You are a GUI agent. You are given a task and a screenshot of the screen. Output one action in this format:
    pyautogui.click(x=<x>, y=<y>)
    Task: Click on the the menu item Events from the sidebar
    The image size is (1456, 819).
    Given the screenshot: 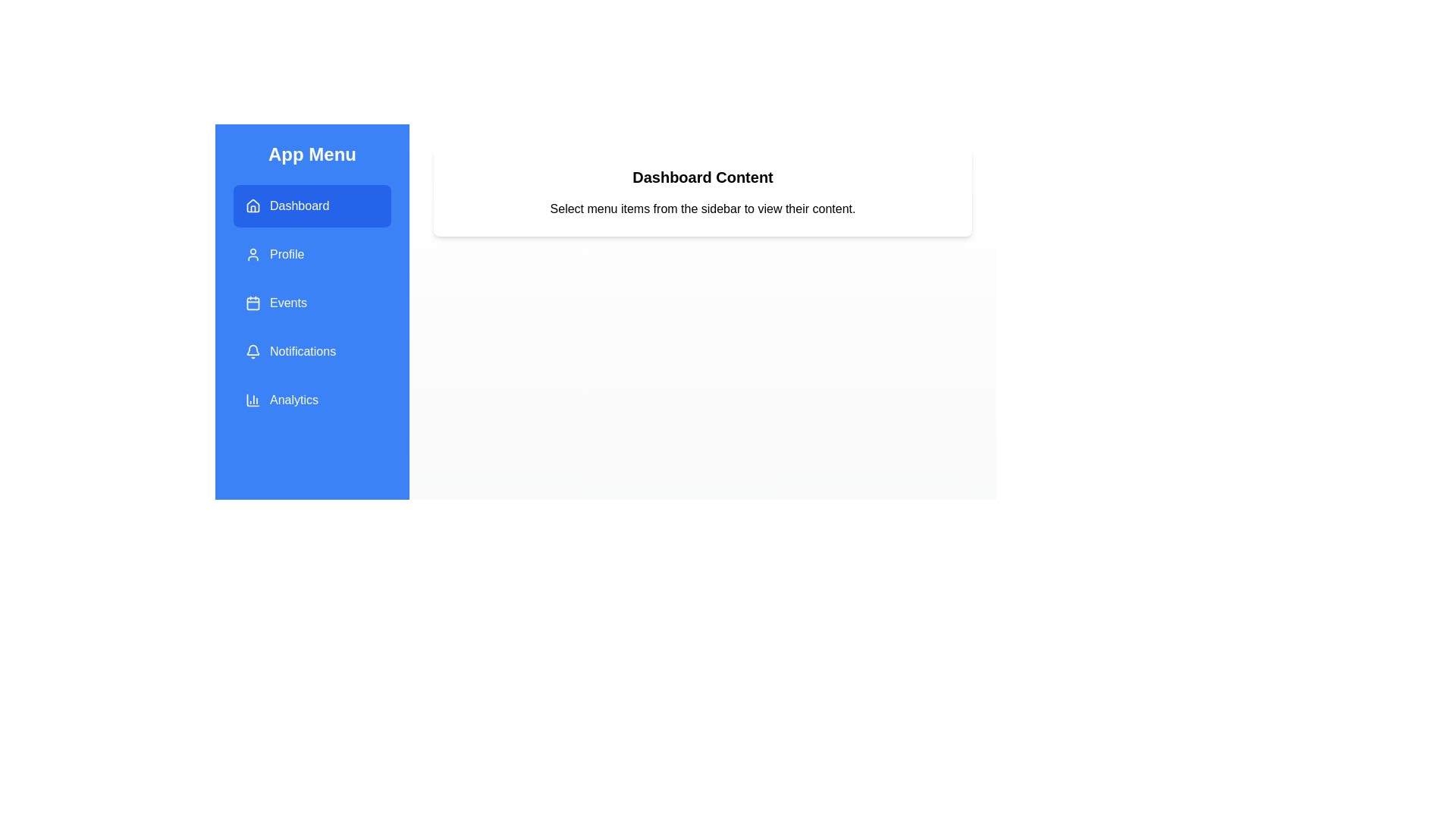 What is the action you would take?
    pyautogui.click(x=312, y=303)
    